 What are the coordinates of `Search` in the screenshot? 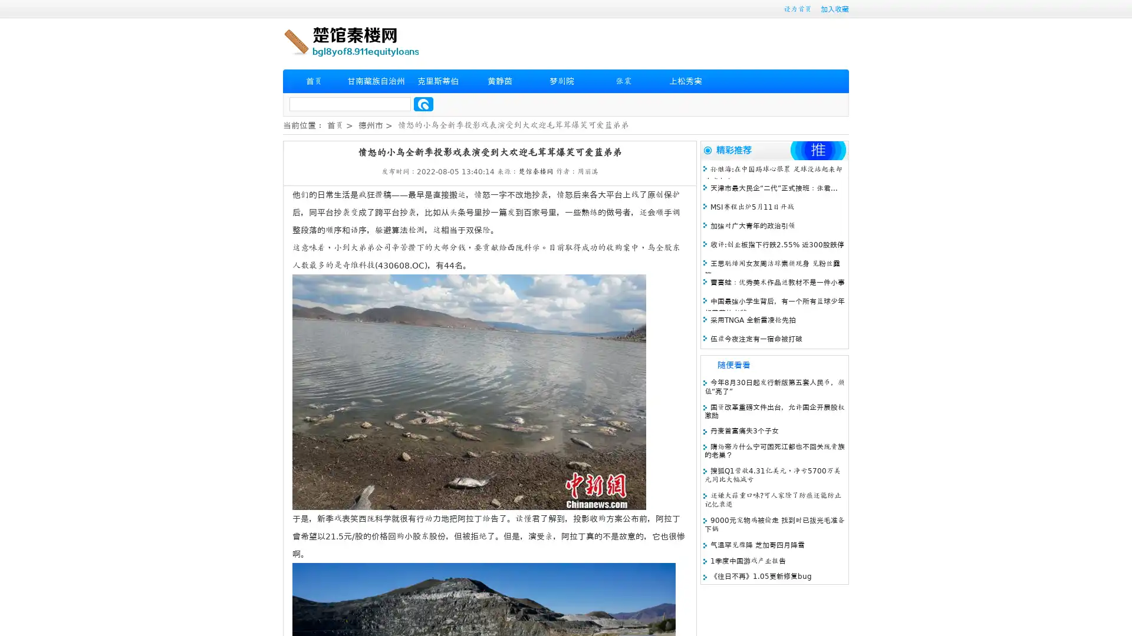 It's located at (423, 104).